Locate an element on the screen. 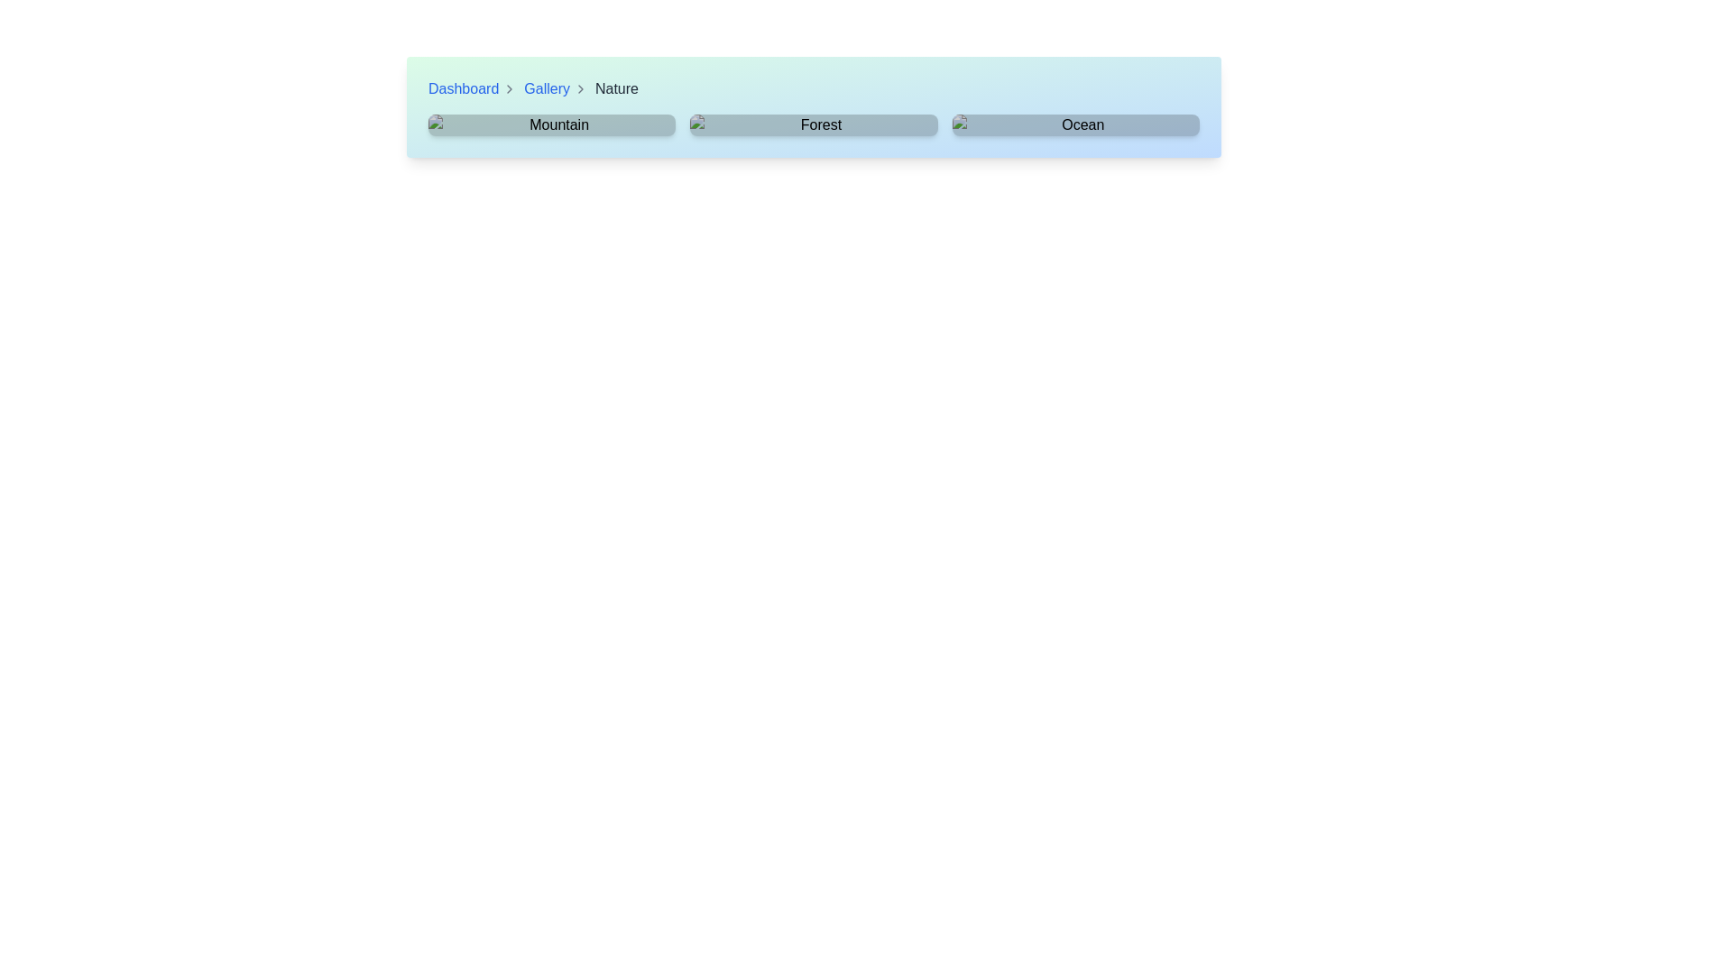 This screenshot has width=1732, height=974. the 'Gallery' hyperlink in the breadcrumb navigation is located at coordinates (546, 89).